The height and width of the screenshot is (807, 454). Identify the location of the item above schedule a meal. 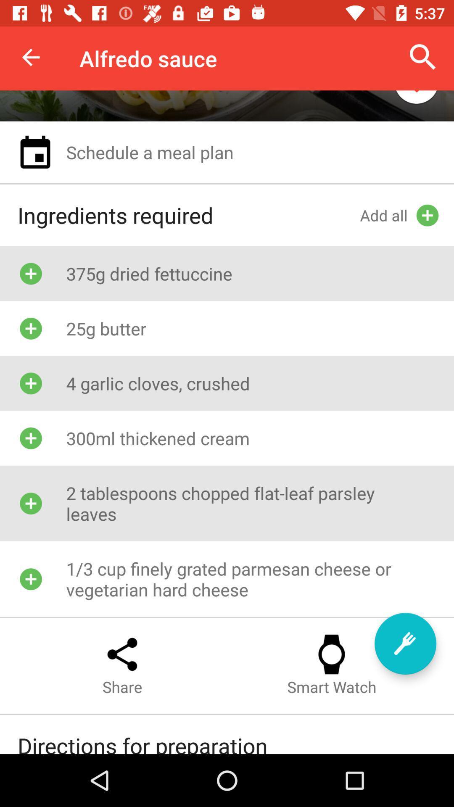
(416, 99).